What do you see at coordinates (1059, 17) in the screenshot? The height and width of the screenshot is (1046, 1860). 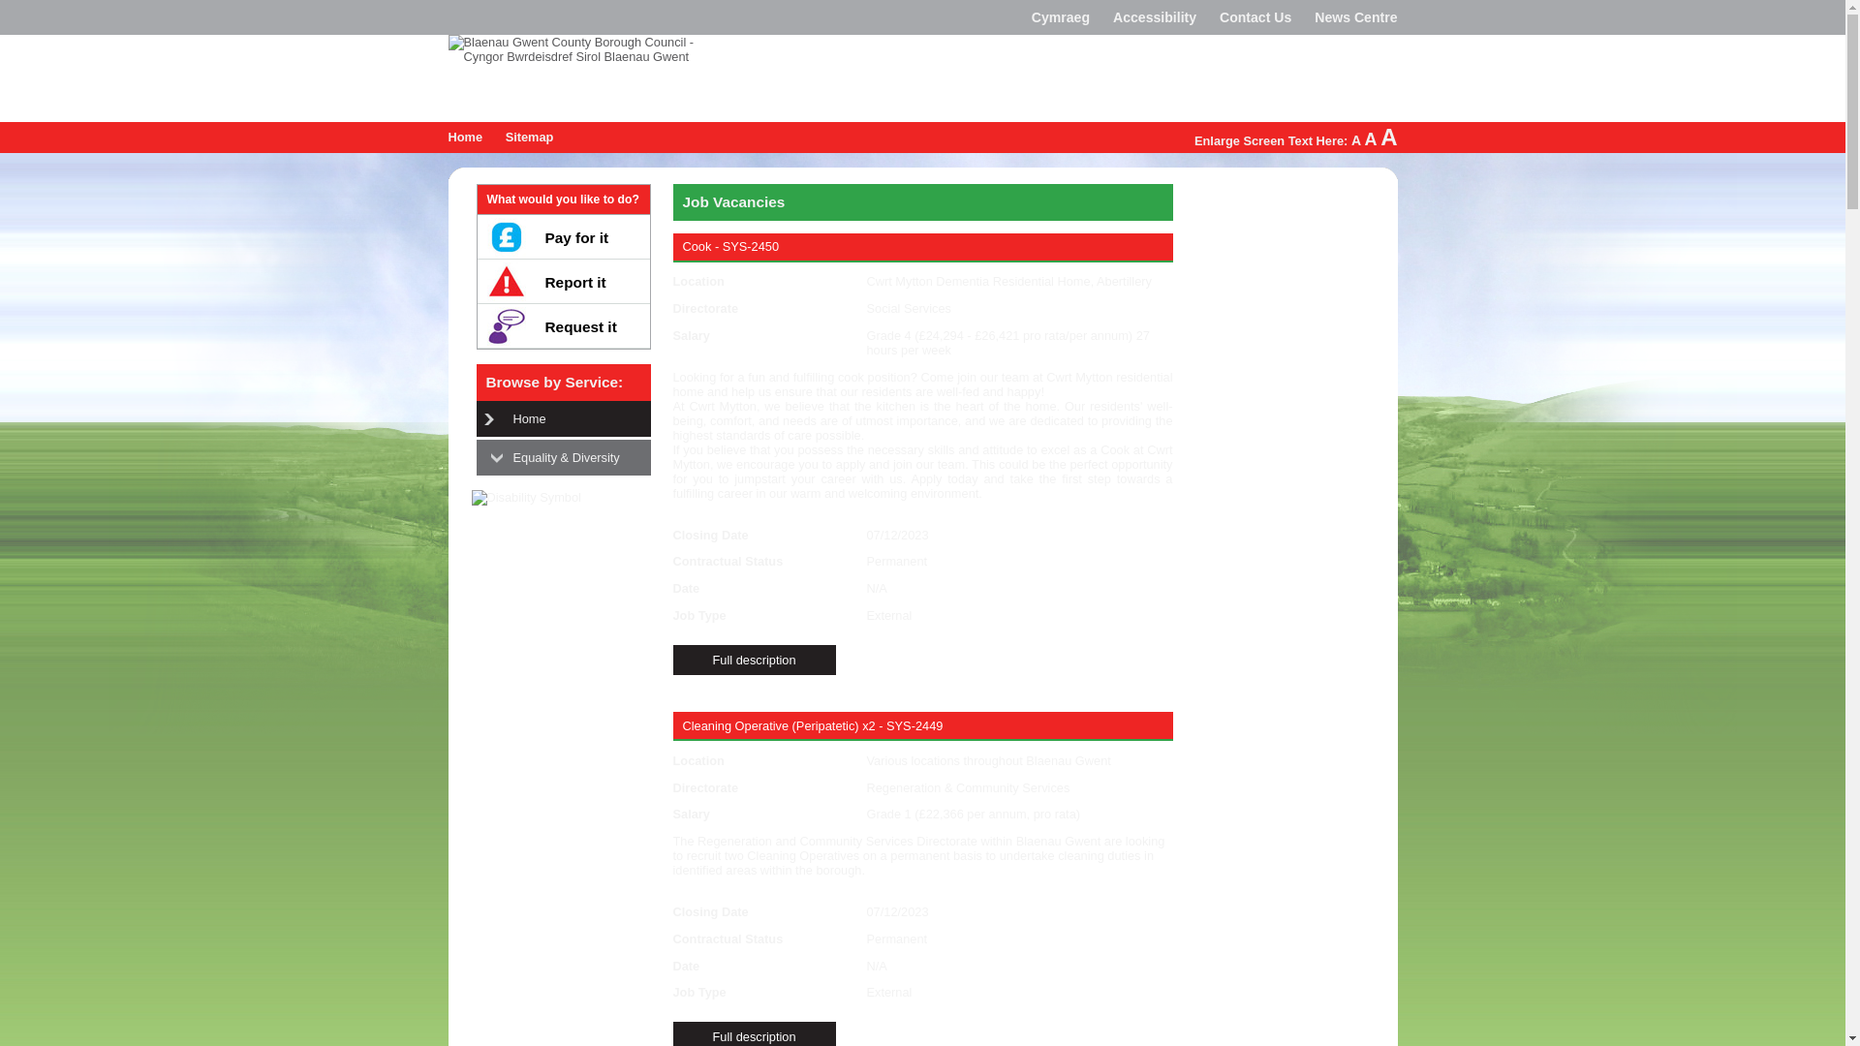 I see `'Cymraeg'` at bounding box center [1059, 17].